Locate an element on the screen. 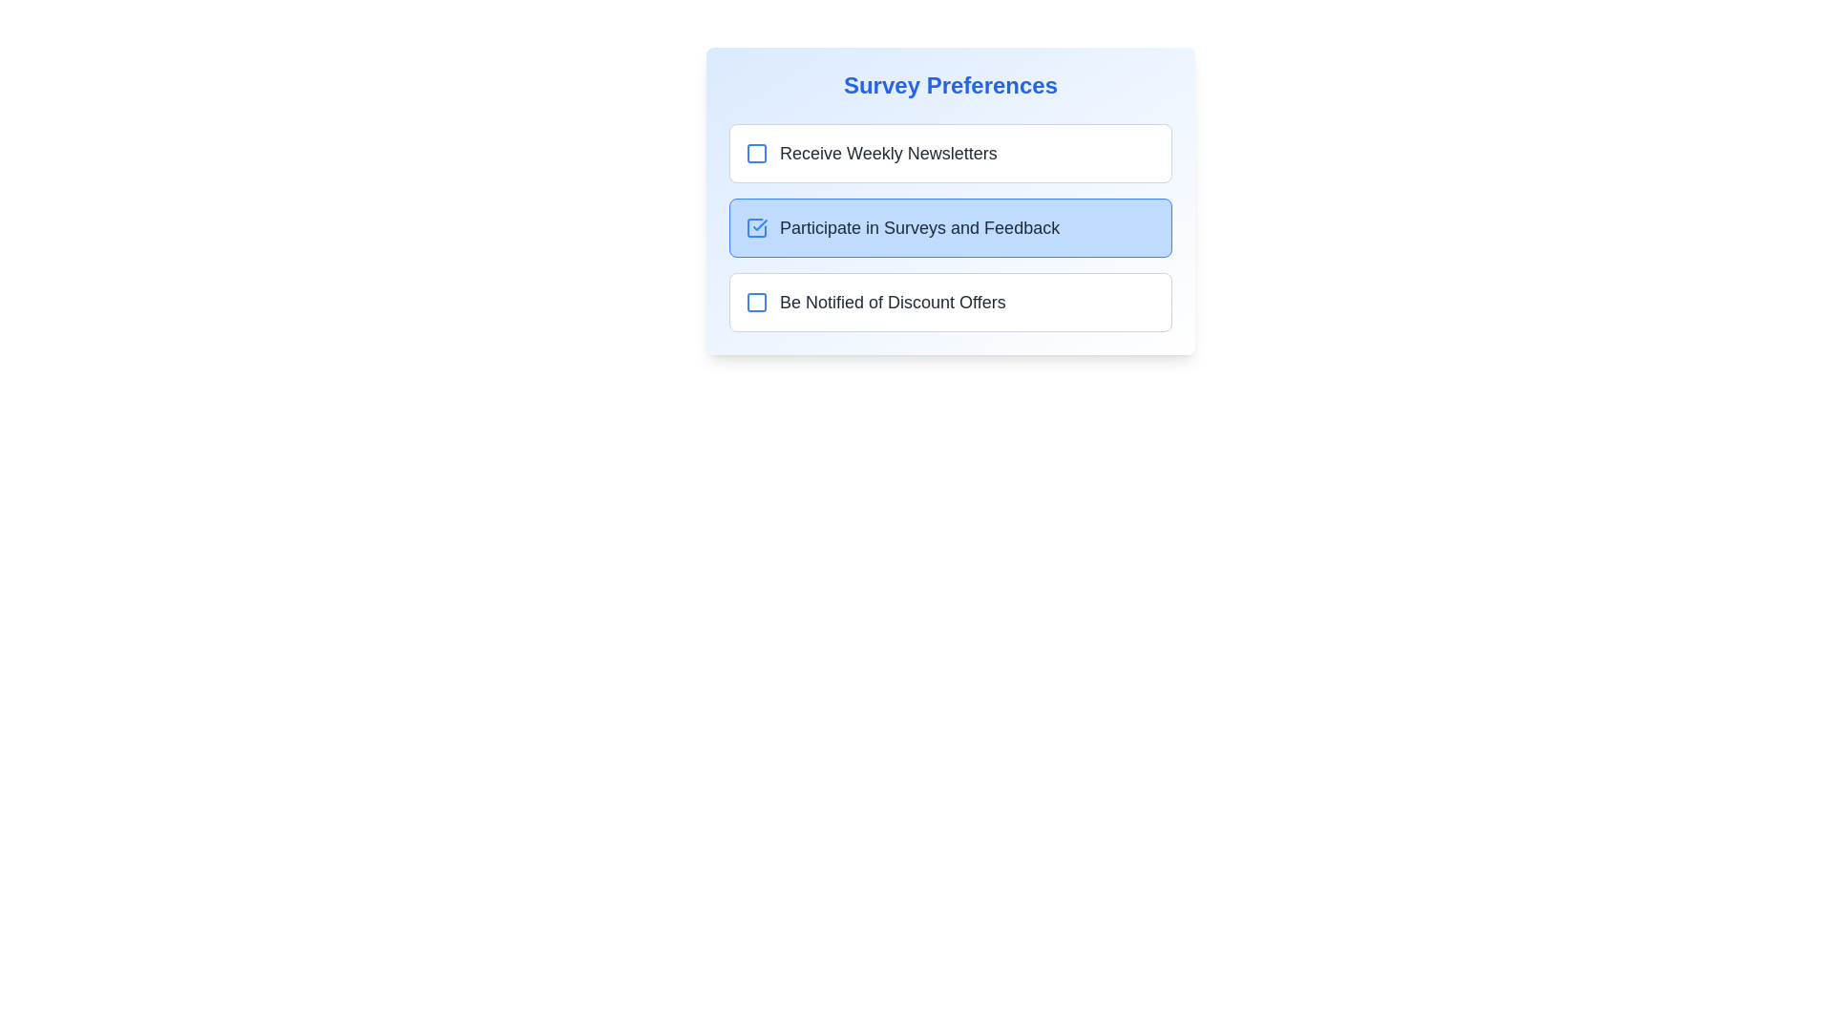  the checkbox of the second selectable list item within the 'Survey Preferences' card is located at coordinates (951, 227).